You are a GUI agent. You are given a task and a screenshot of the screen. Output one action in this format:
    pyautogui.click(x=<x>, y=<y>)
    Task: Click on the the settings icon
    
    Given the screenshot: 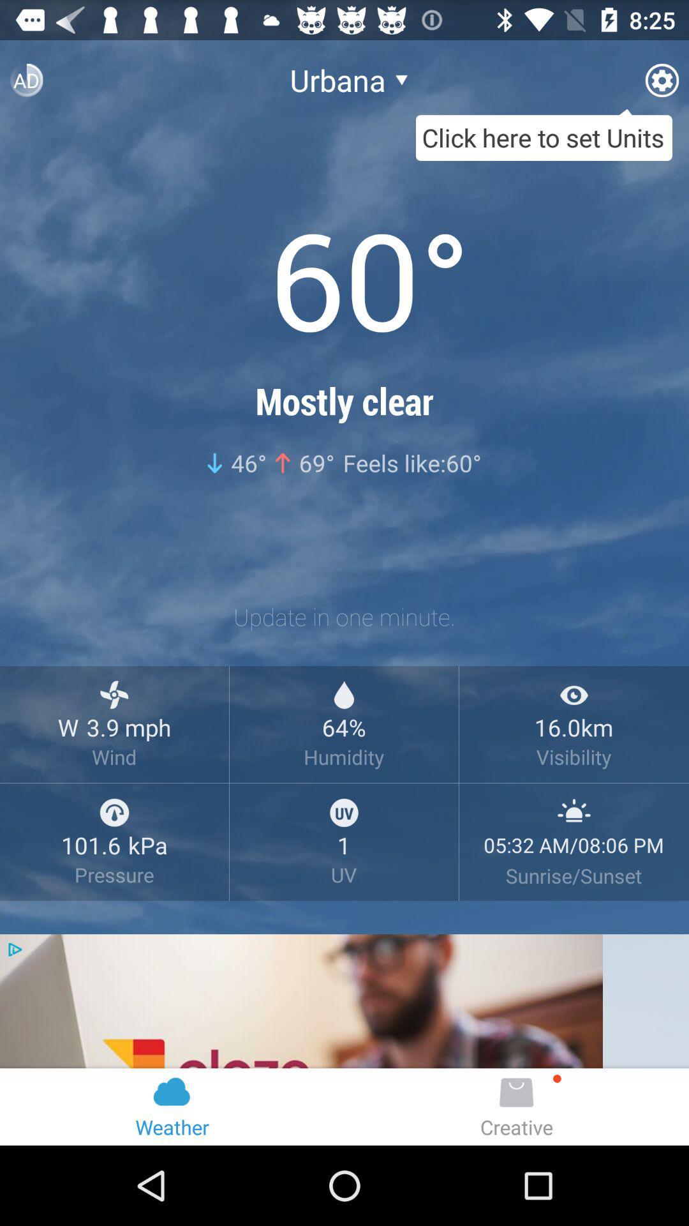 What is the action you would take?
    pyautogui.click(x=661, y=85)
    